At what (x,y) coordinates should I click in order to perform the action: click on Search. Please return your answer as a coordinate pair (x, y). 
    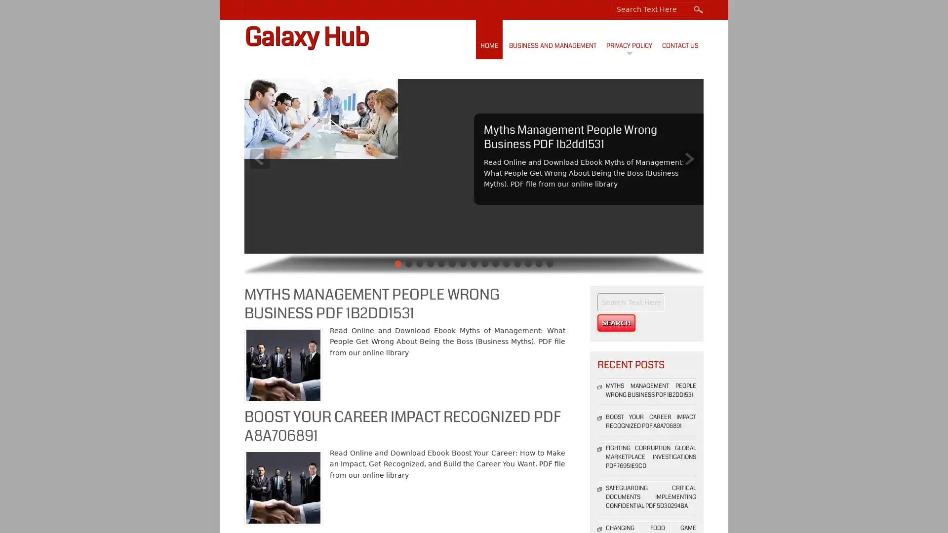
    Looking at the image, I should click on (616, 323).